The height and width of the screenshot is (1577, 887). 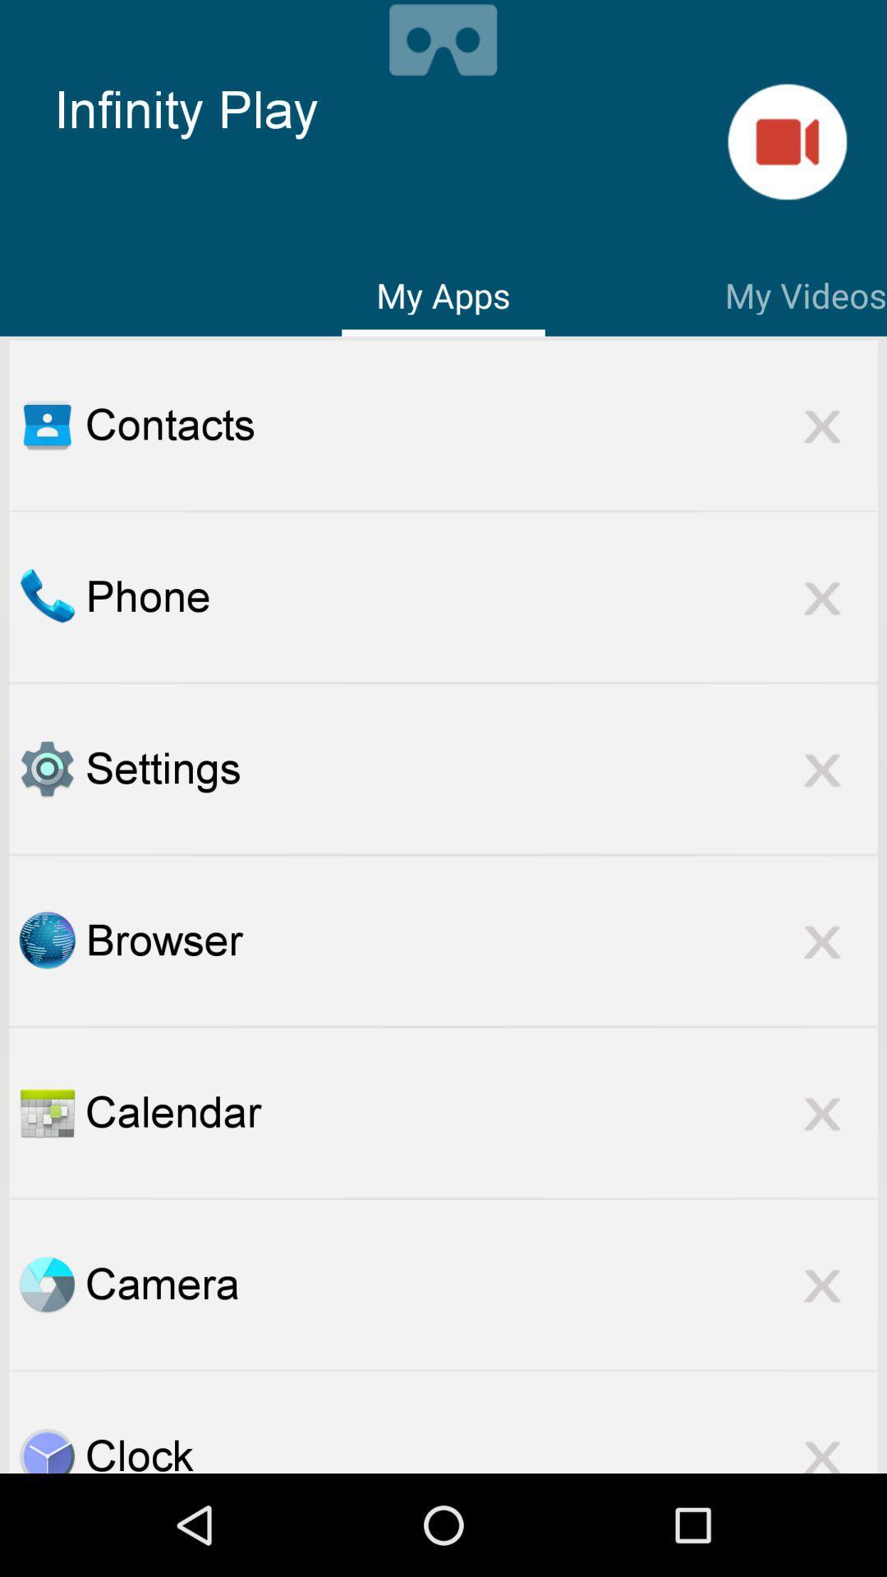 I want to click on go do phone, so click(x=46, y=595).